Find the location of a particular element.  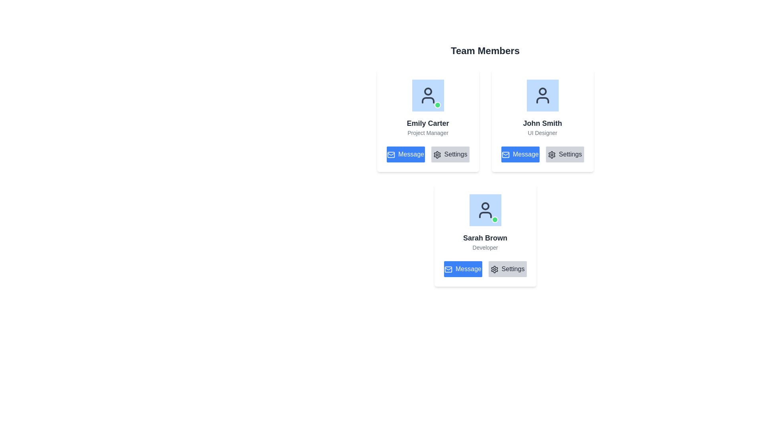

the circular avatar icon with a blue background featuring a human silhouette, located in the profile card of 'Emily Carter', above the text 'Emily Carter' and 'Project Manager' is located at coordinates (427, 95).